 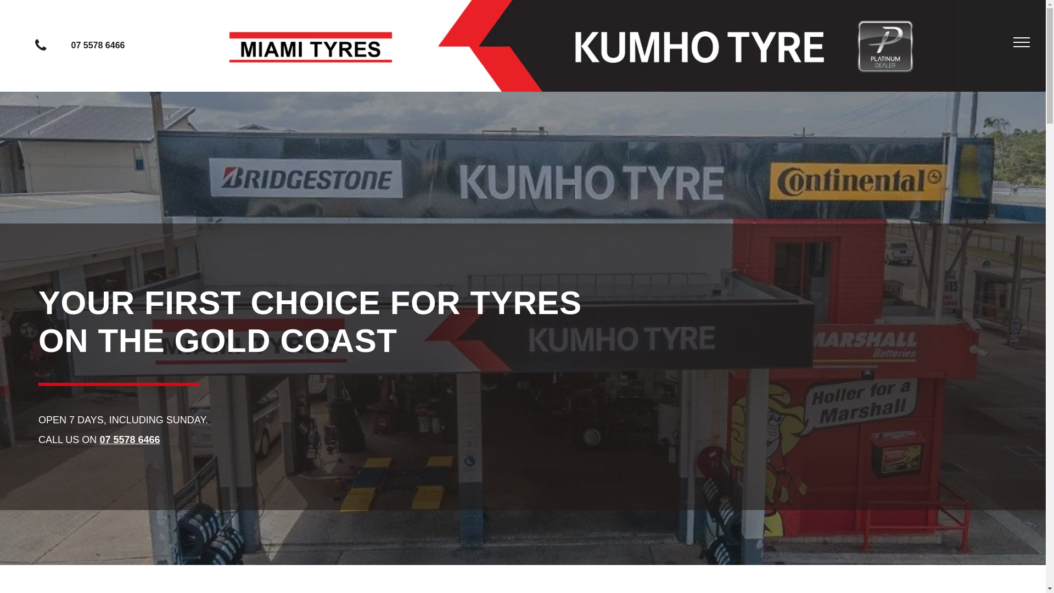 What do you see at coordinates (129, 439) in the screenshot?
I see `'07 5578 6466'` at bounding box center [129, 439].